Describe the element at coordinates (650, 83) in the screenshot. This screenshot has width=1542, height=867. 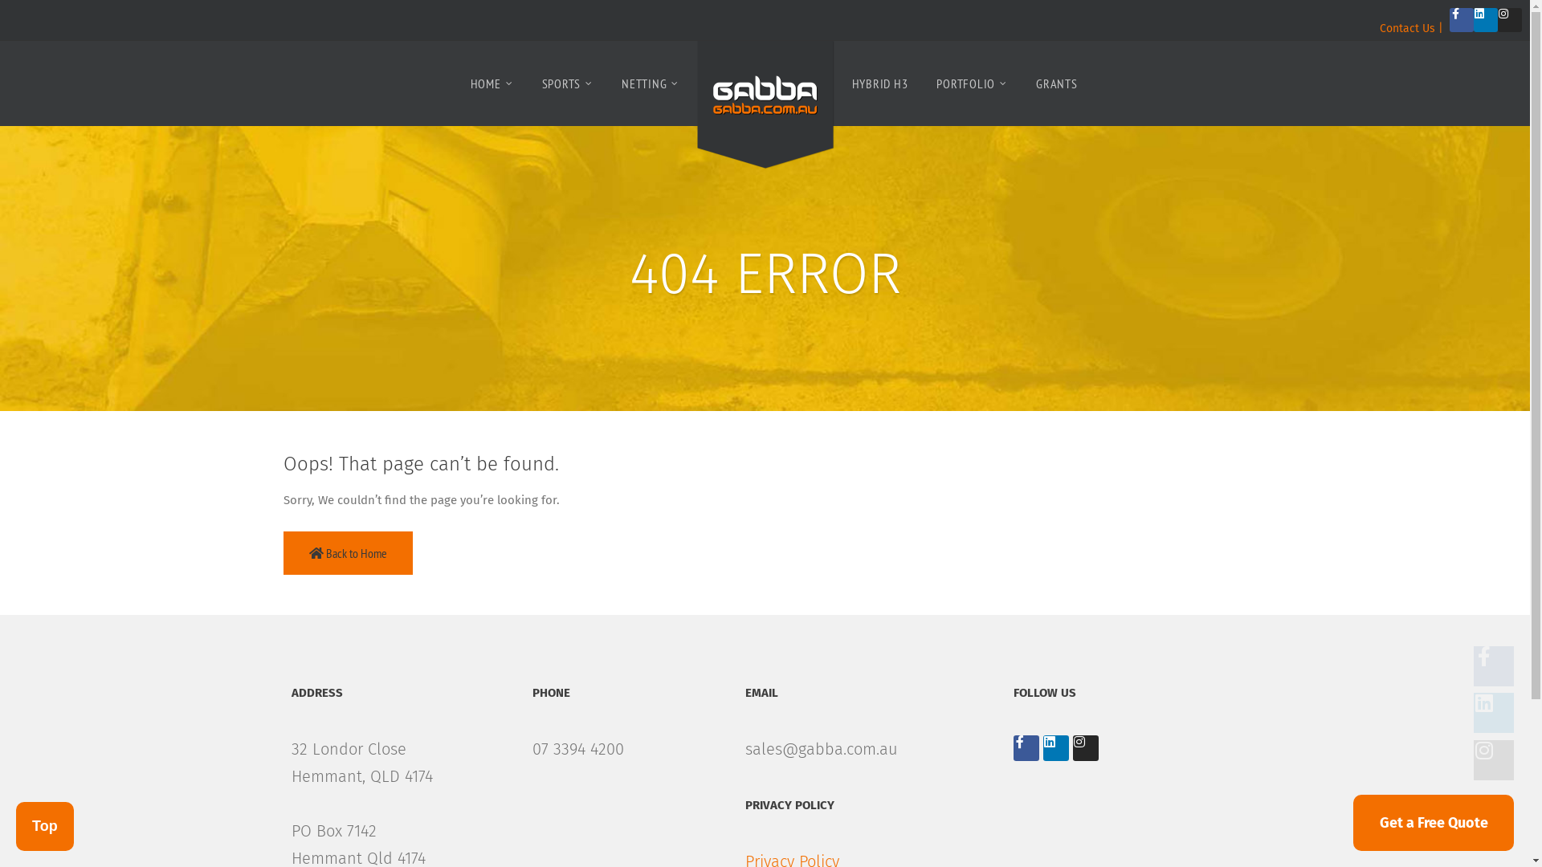
I see `'NETTING'` at that location.